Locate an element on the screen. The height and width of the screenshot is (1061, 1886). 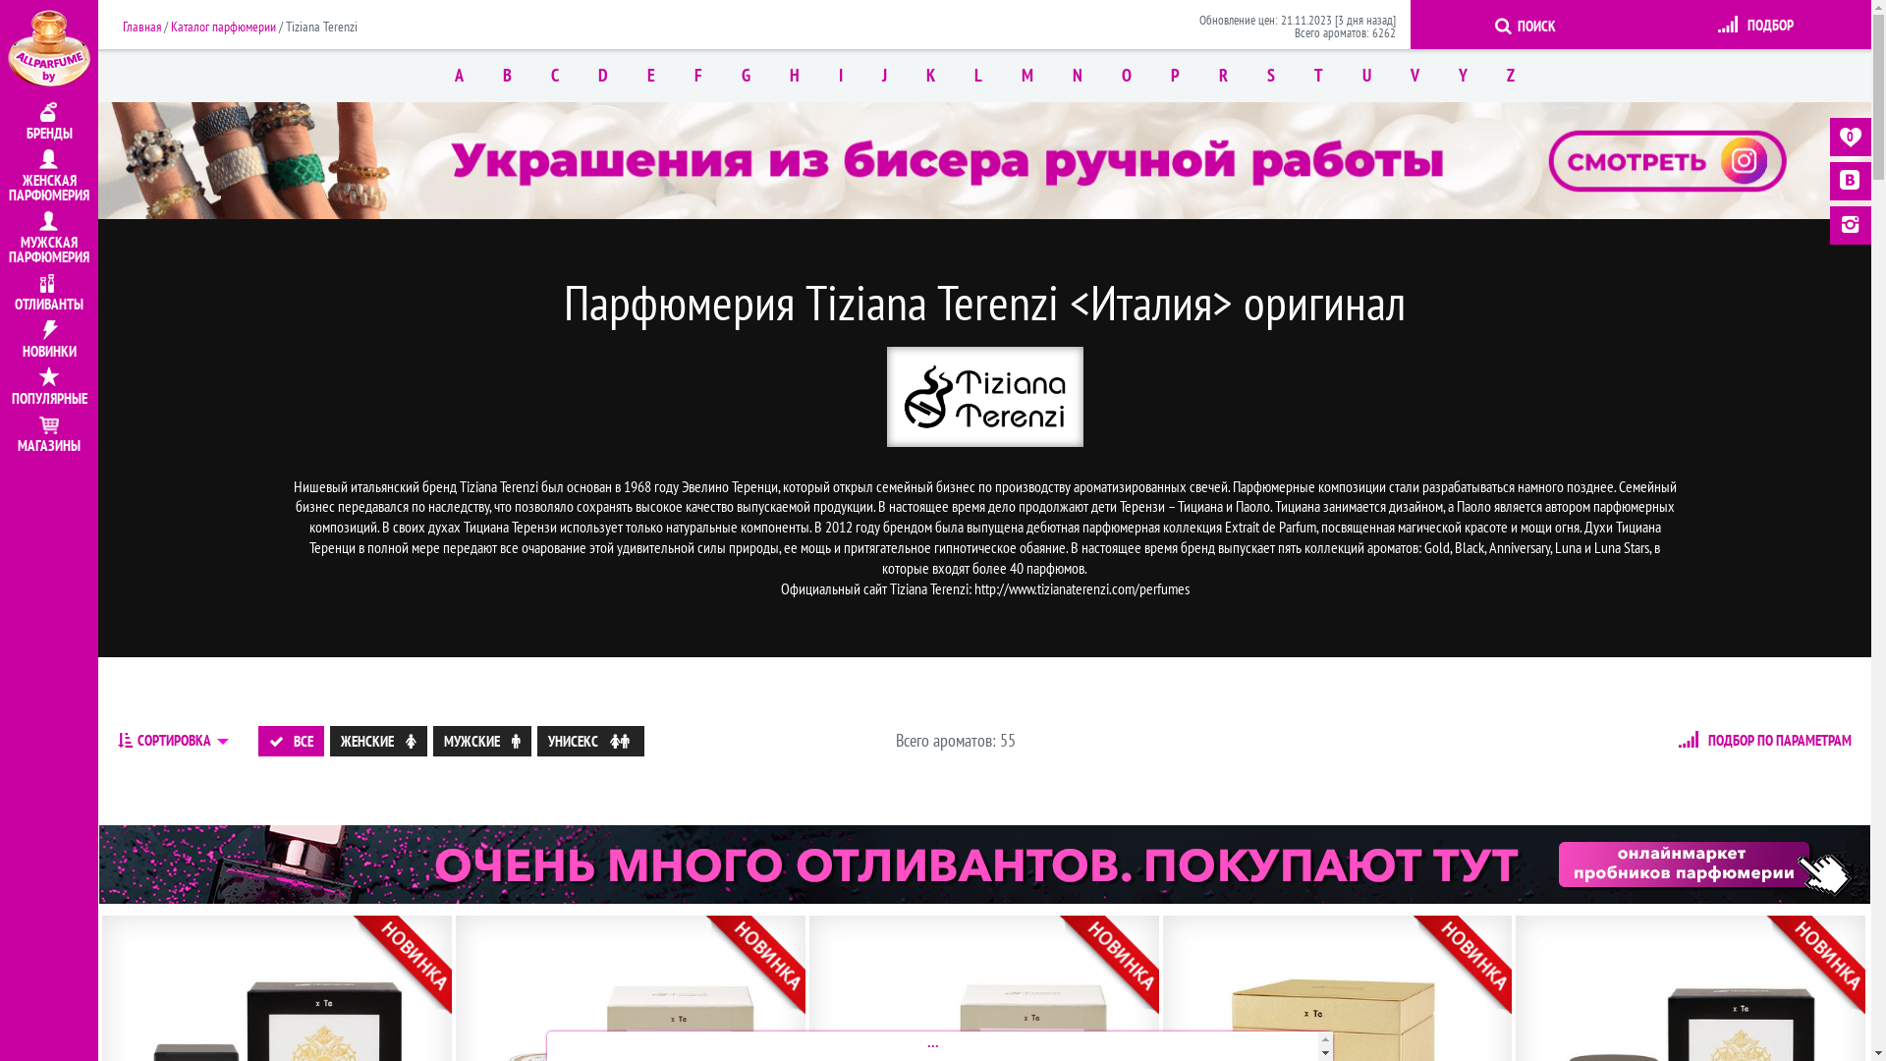
'L' is located at coordinates (978, 75).